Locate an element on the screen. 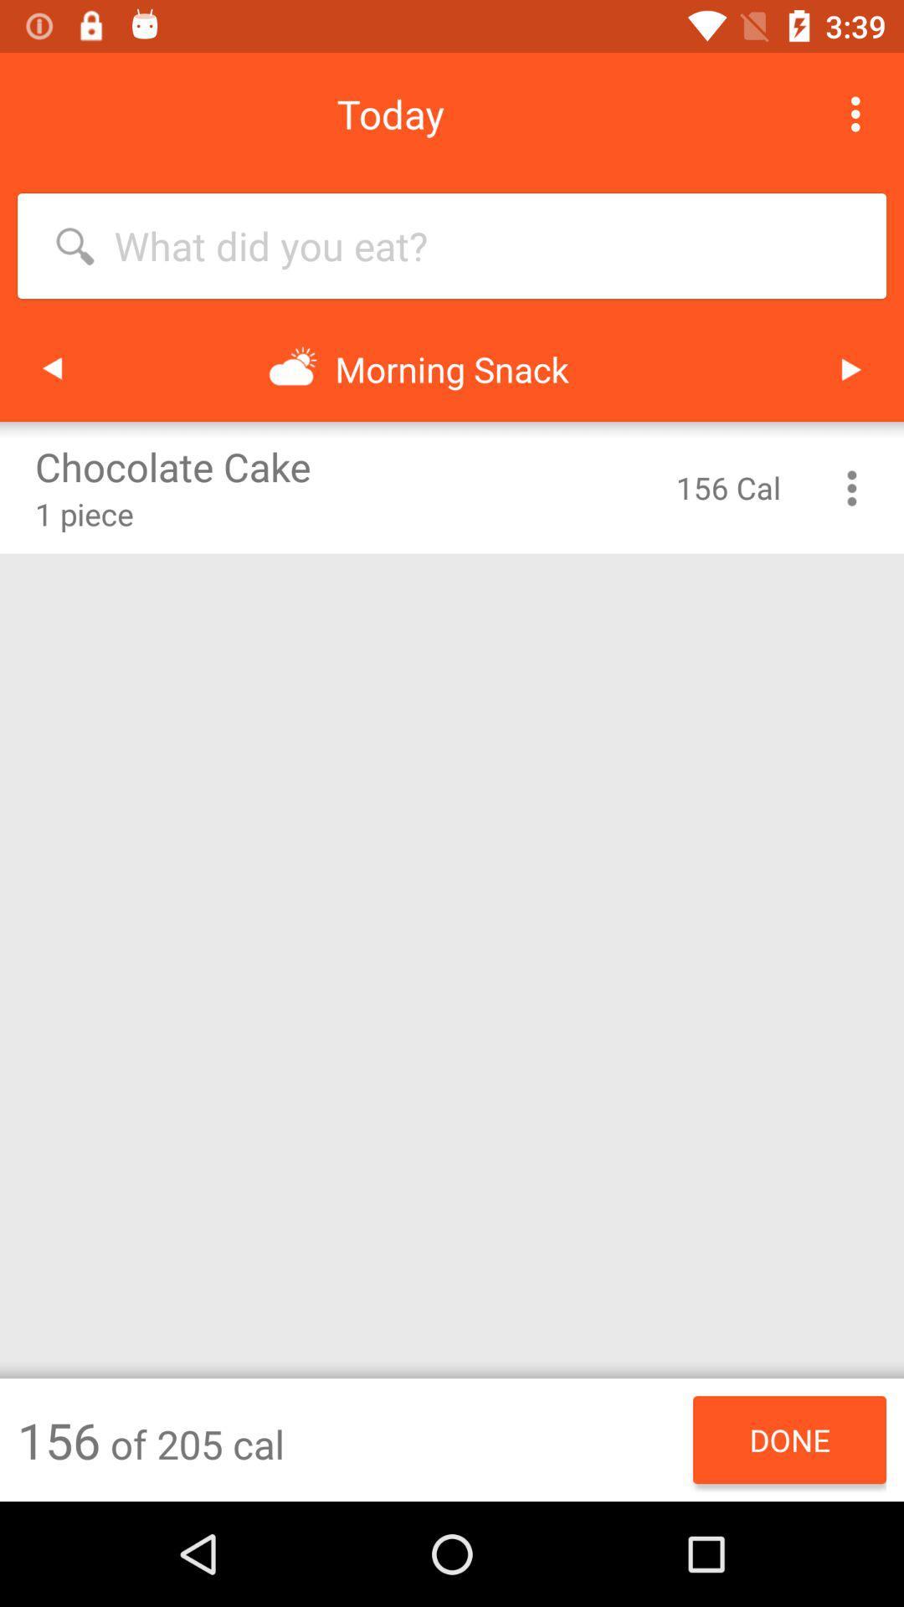  the arrow_backward icon is located at coordinates (51, 368).